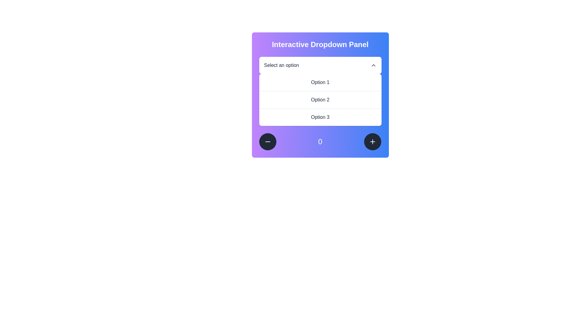  I want to click on the rightmost plus button that increments a value, located adjacent to the centered '0' text, so click(372, 141).